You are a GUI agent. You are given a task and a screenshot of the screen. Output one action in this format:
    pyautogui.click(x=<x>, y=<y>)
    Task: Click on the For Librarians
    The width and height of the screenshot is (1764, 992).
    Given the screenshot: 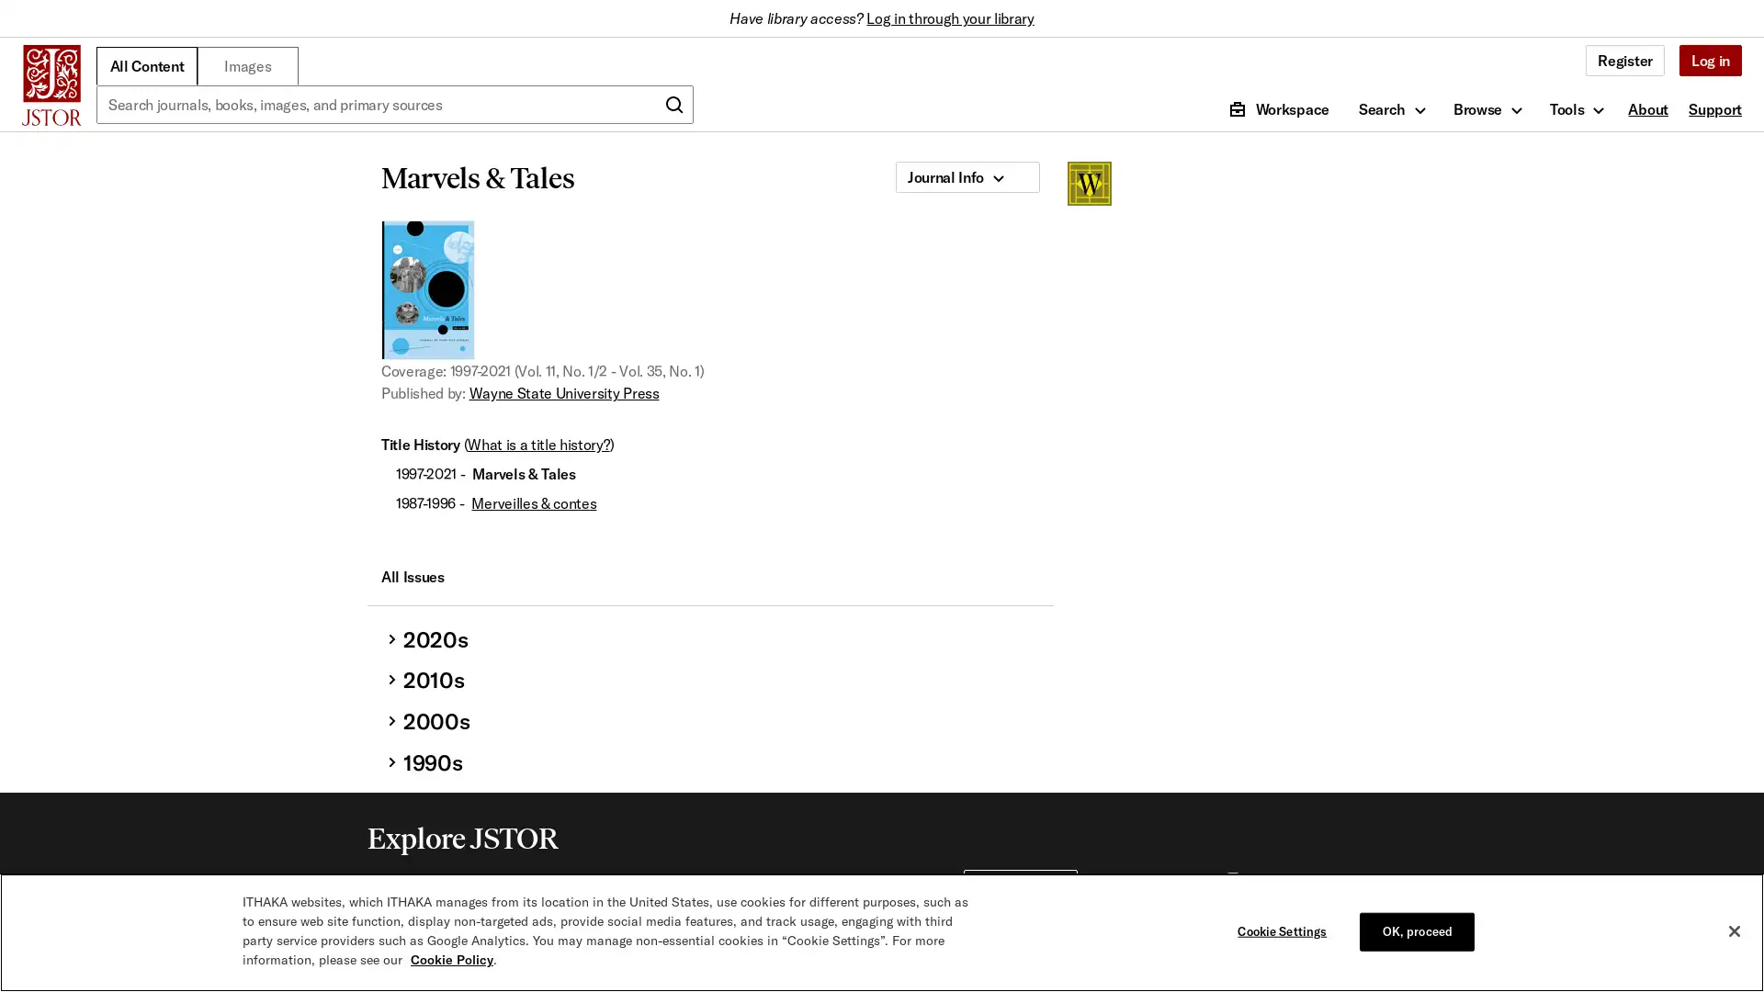 What is the action you would take?
    pyautogui.click(x=1019, y=884)
    